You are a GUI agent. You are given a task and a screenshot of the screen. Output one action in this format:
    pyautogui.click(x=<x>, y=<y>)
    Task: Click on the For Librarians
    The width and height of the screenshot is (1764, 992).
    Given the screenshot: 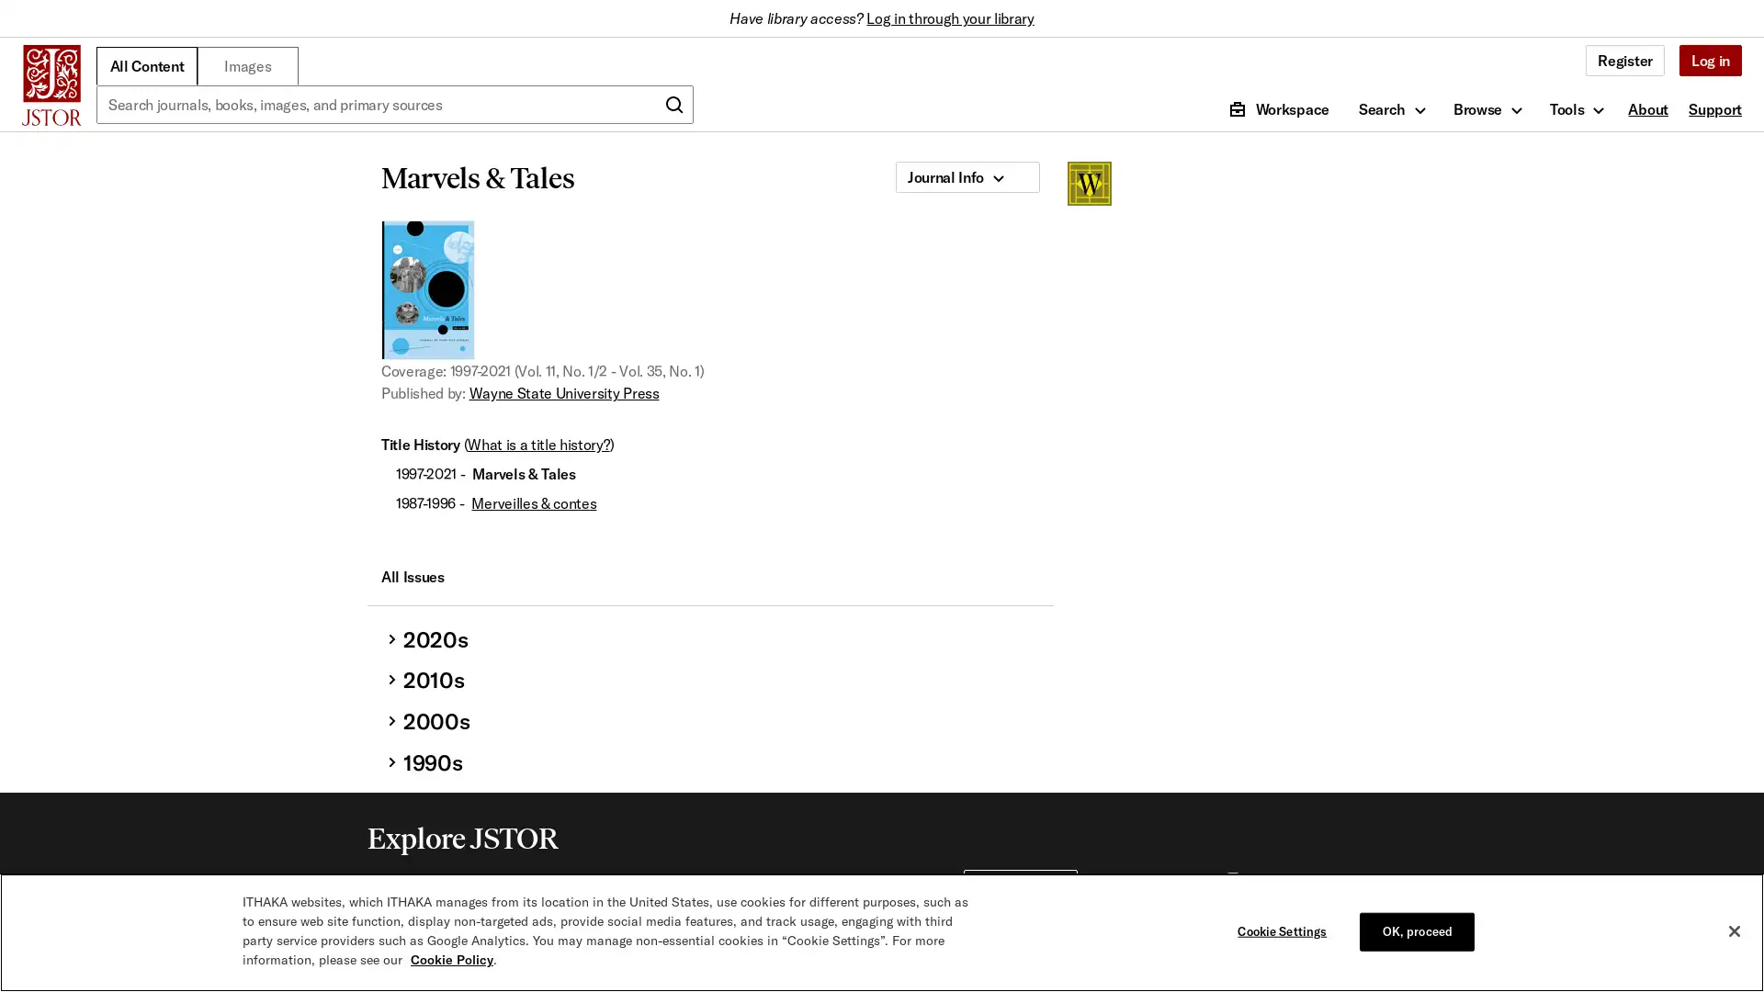 What is the action you would take?
    pyautogui.click(x=1019, y=884)
    